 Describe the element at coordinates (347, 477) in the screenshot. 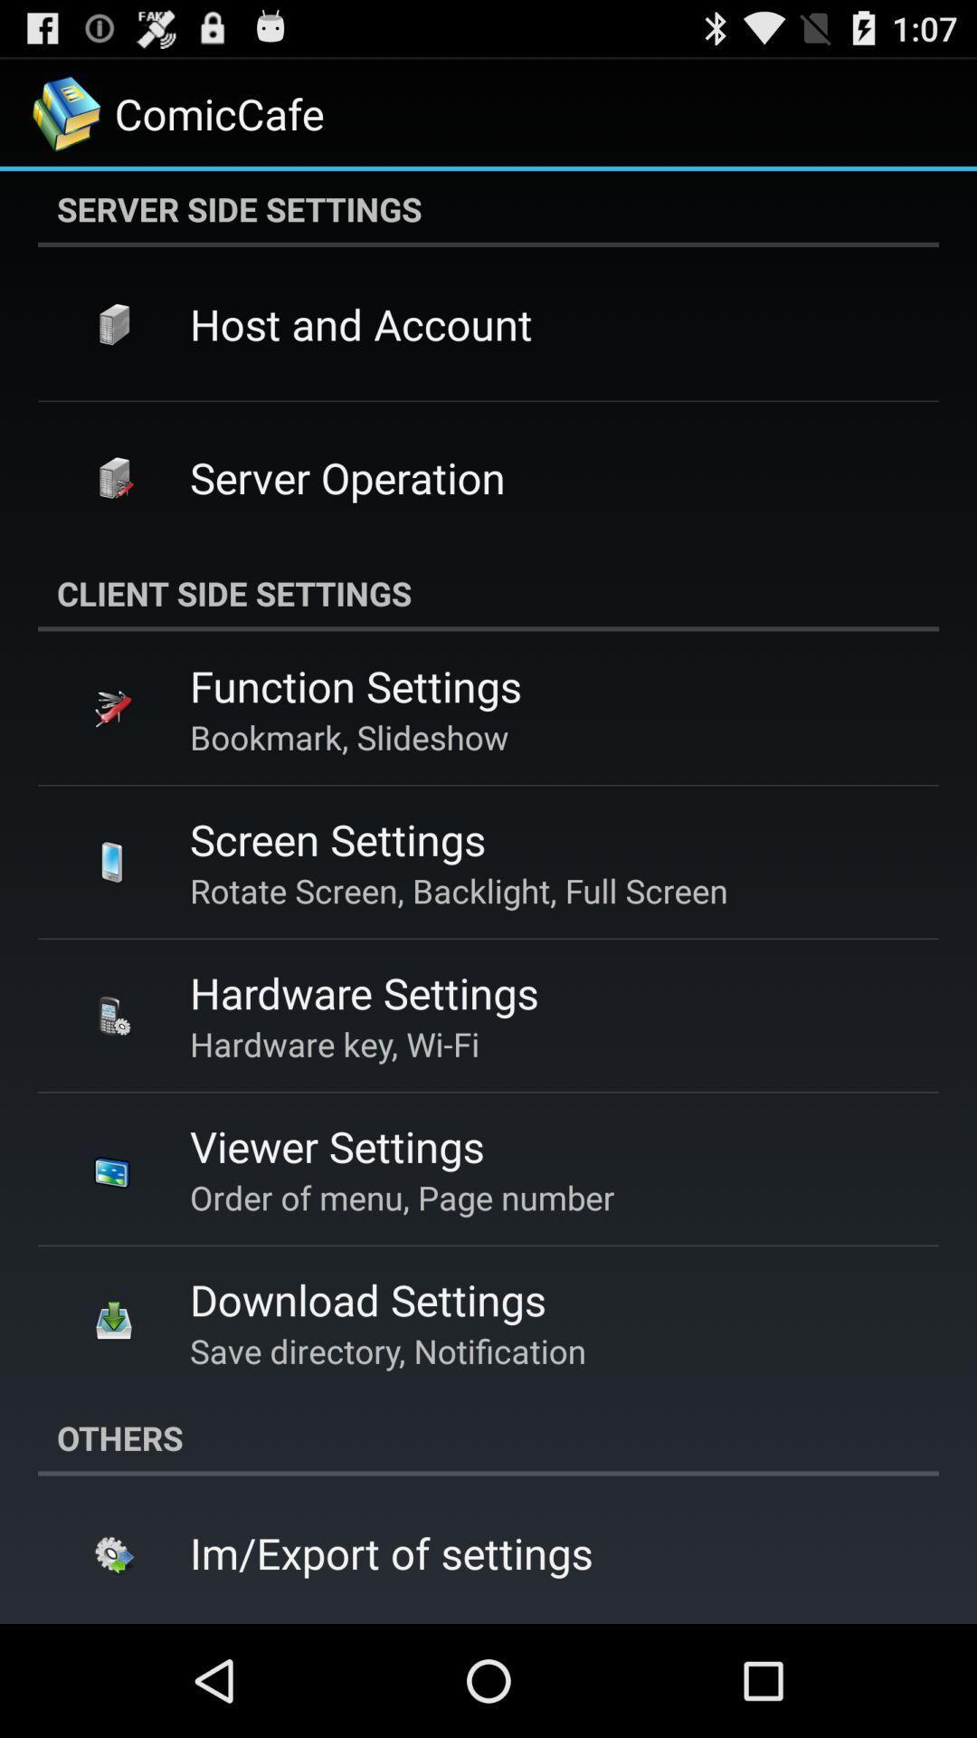

I see `icon above the client side settings icon` at that location.